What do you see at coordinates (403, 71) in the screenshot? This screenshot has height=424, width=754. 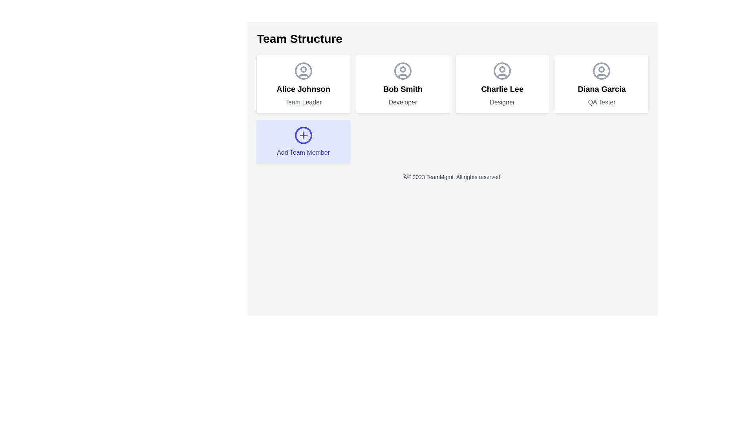 I see `the user profile avatar icon for 'Bob Smith' located at the top of the card labeled 'Bob Smith - Developer'` at bounding box center [403, 71].